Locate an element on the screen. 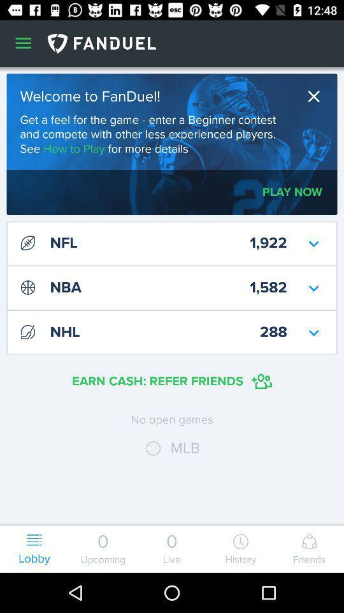 This screenshot has height=613, width=344. to close the video is located at coordinates (316, 96).